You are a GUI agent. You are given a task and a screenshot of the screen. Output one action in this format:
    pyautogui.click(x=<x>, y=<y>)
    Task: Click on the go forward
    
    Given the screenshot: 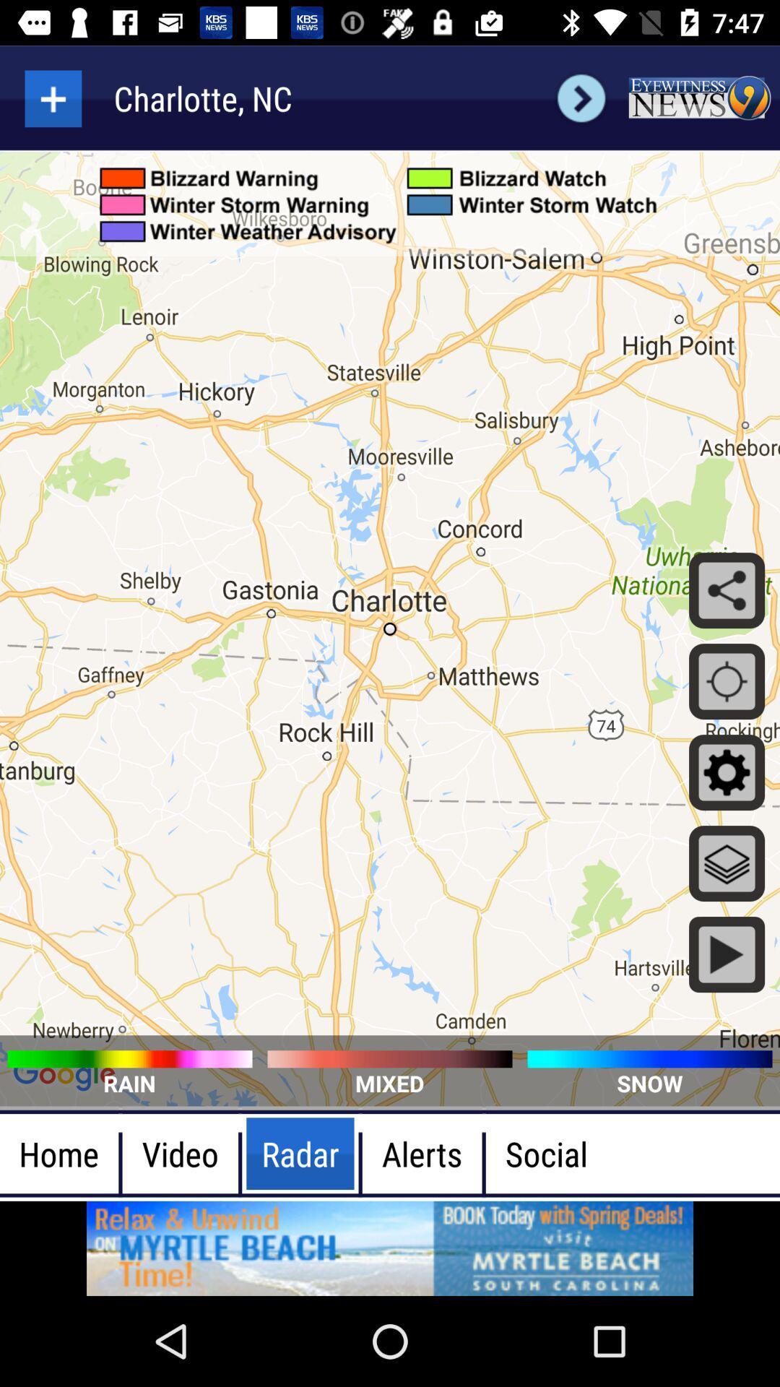 What is the action you would take?
    pyautogui.click(x=581, y=98)
    